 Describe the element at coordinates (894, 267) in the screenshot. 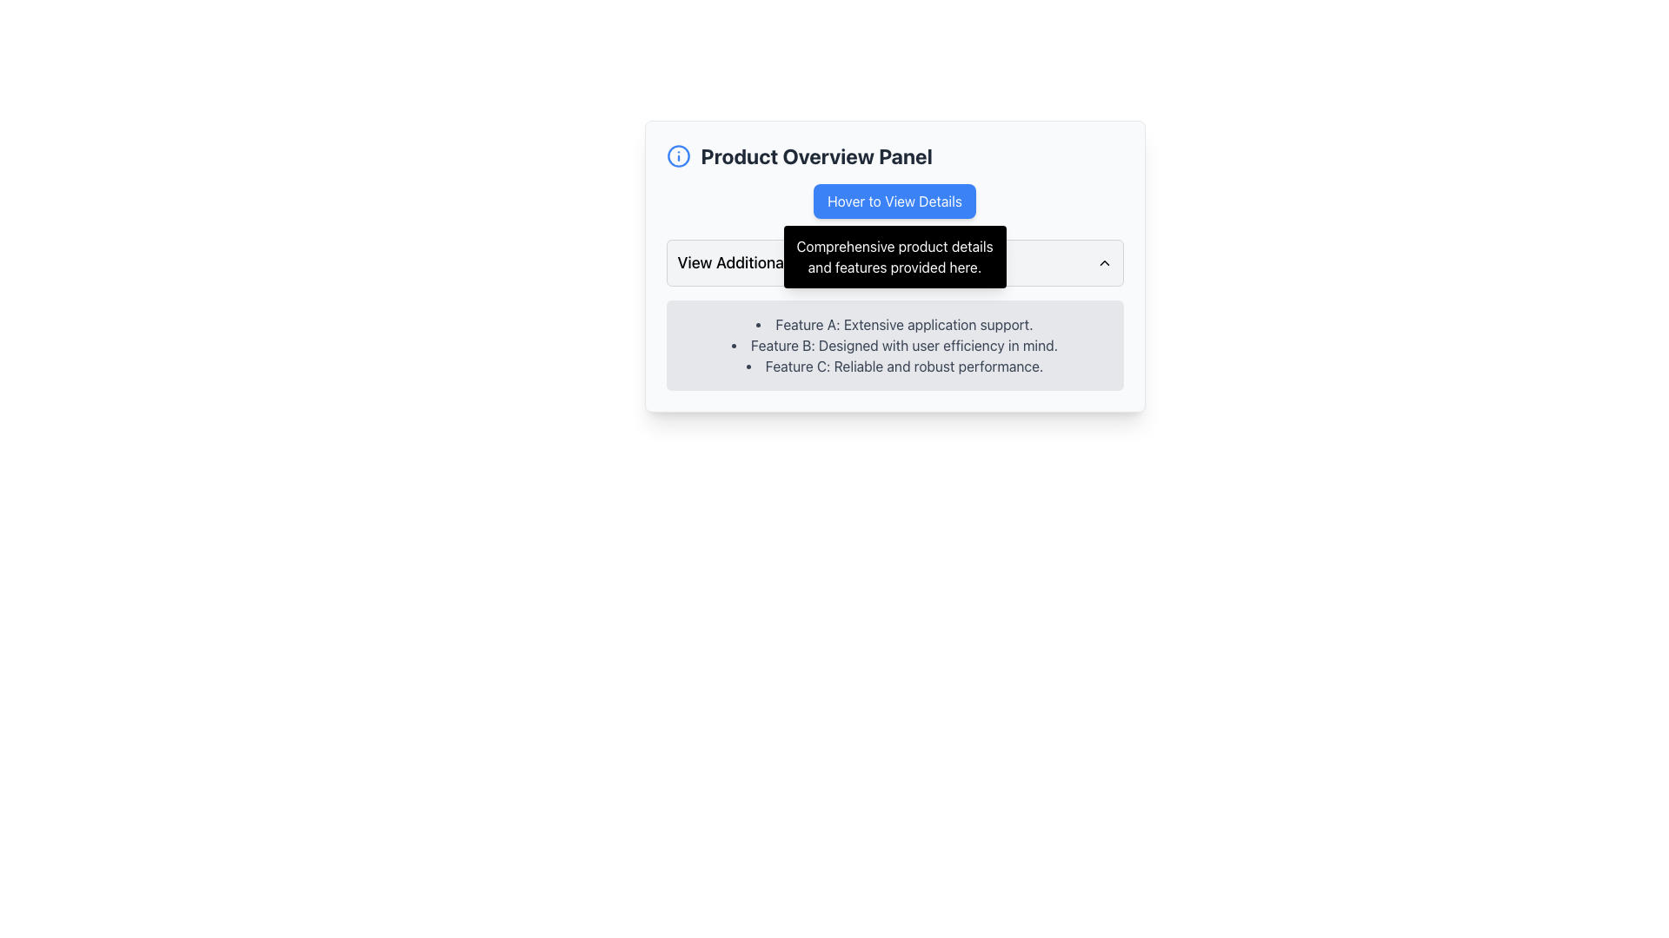

I see `the compact rectangular panel with a light gray background` at that location.